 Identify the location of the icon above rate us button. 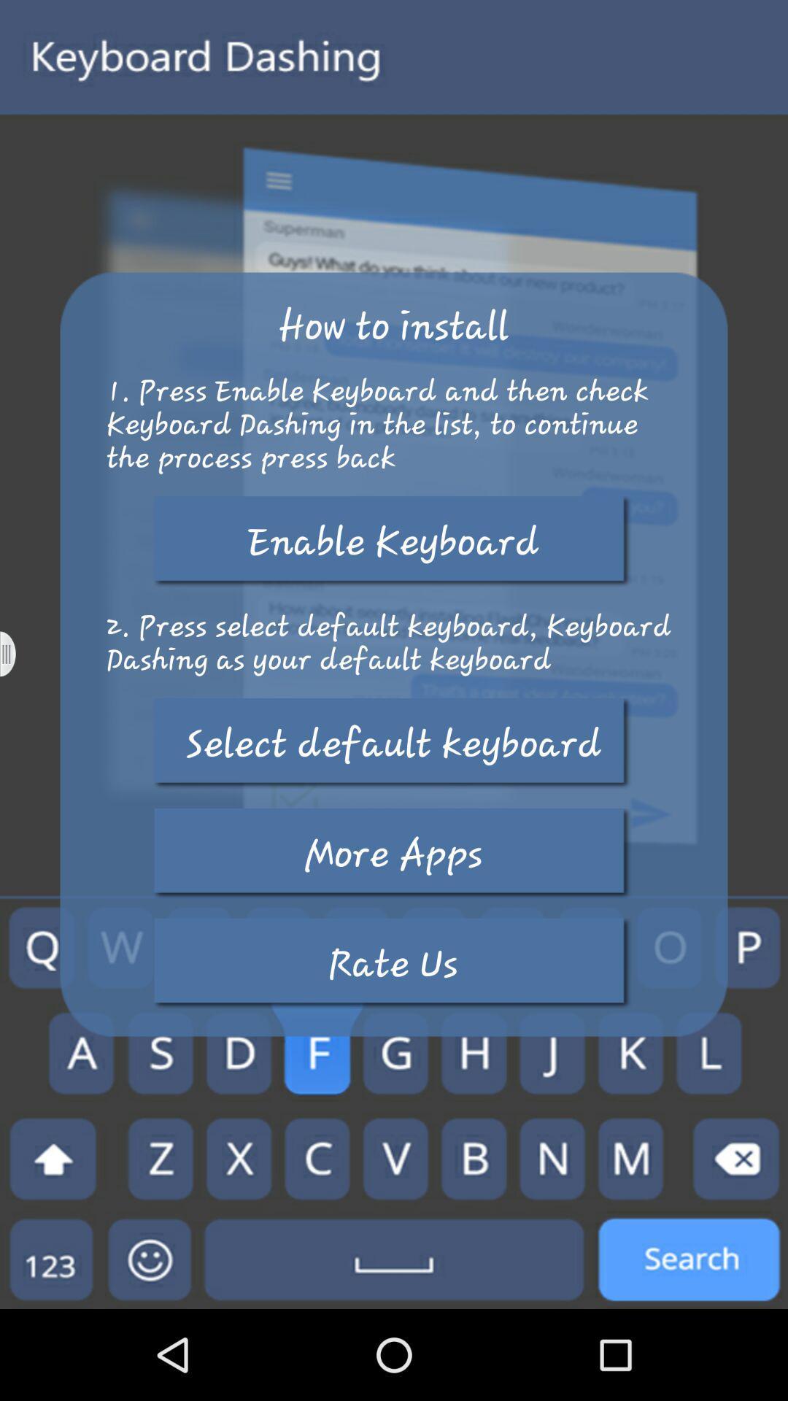
(393, 854).